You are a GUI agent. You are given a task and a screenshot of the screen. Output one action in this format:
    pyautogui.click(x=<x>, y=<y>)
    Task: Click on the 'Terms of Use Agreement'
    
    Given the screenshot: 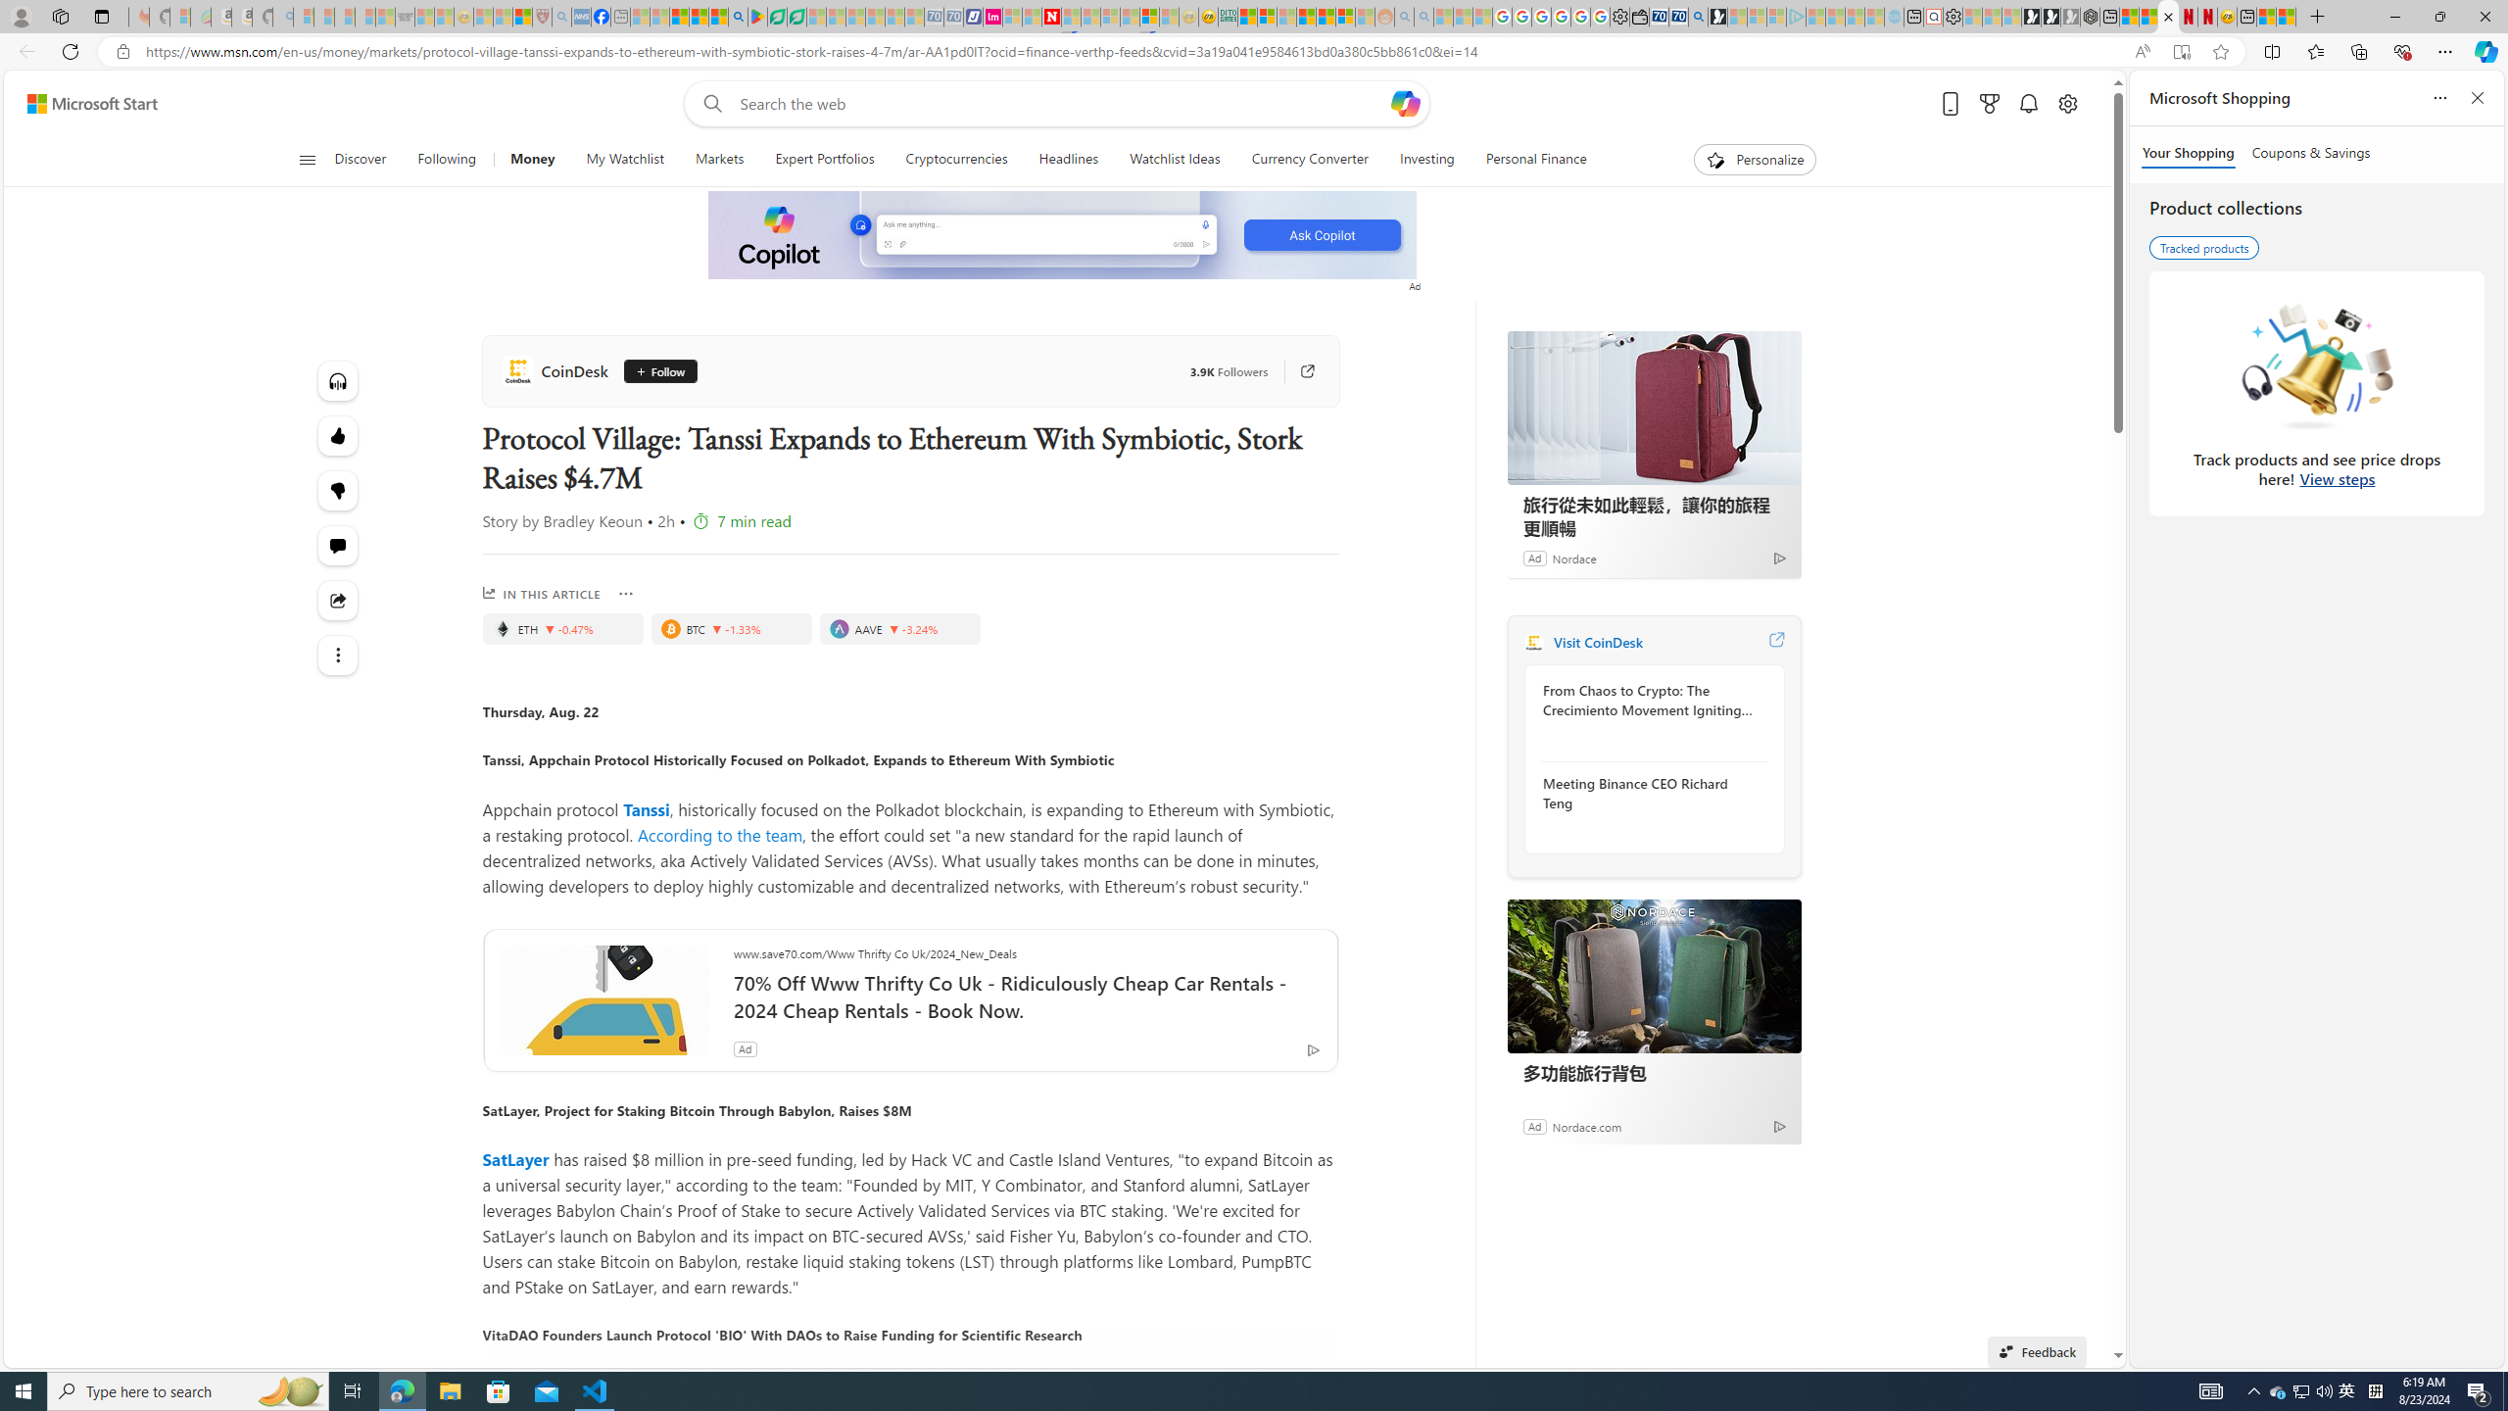 What is the action you would take?
    pyautogui.click(x=776, y=16)
    